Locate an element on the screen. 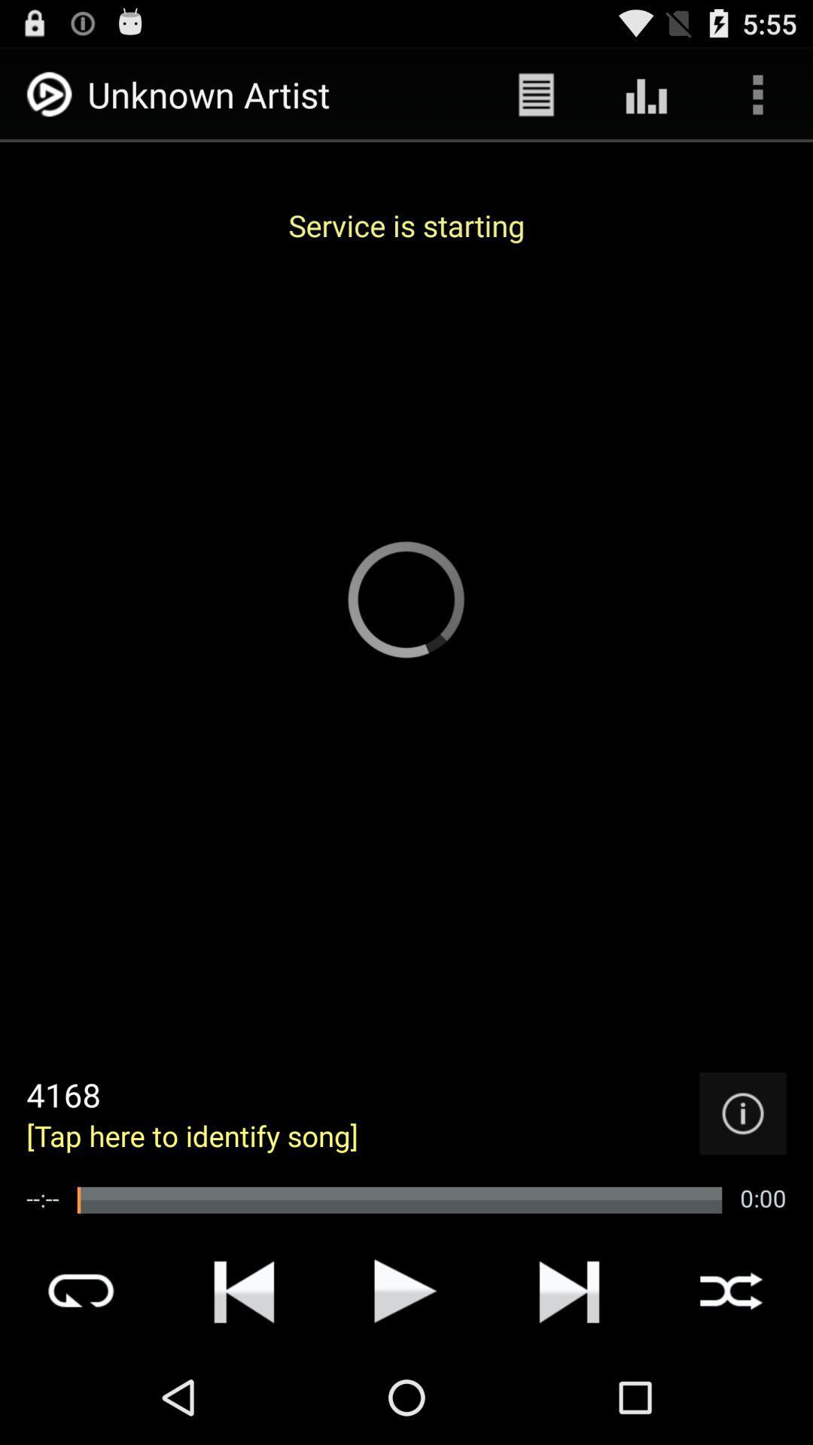 The width and height of the screenshot is (813, 1445). the icon represented to goto the next song or music in the playlist is located at coordinates (569, 1290).